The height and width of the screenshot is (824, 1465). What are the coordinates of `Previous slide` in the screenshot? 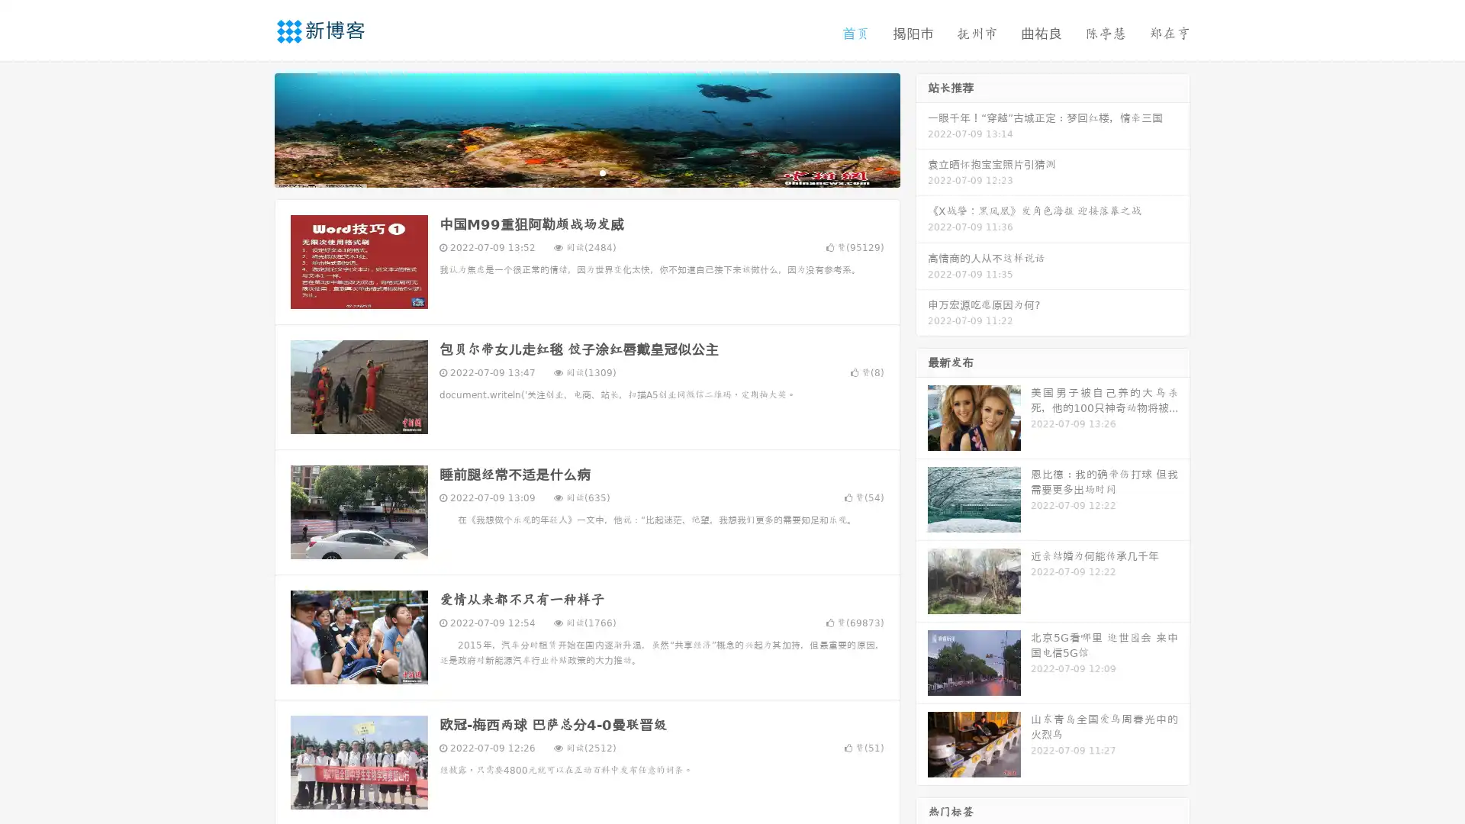 It's located at (252, 128).